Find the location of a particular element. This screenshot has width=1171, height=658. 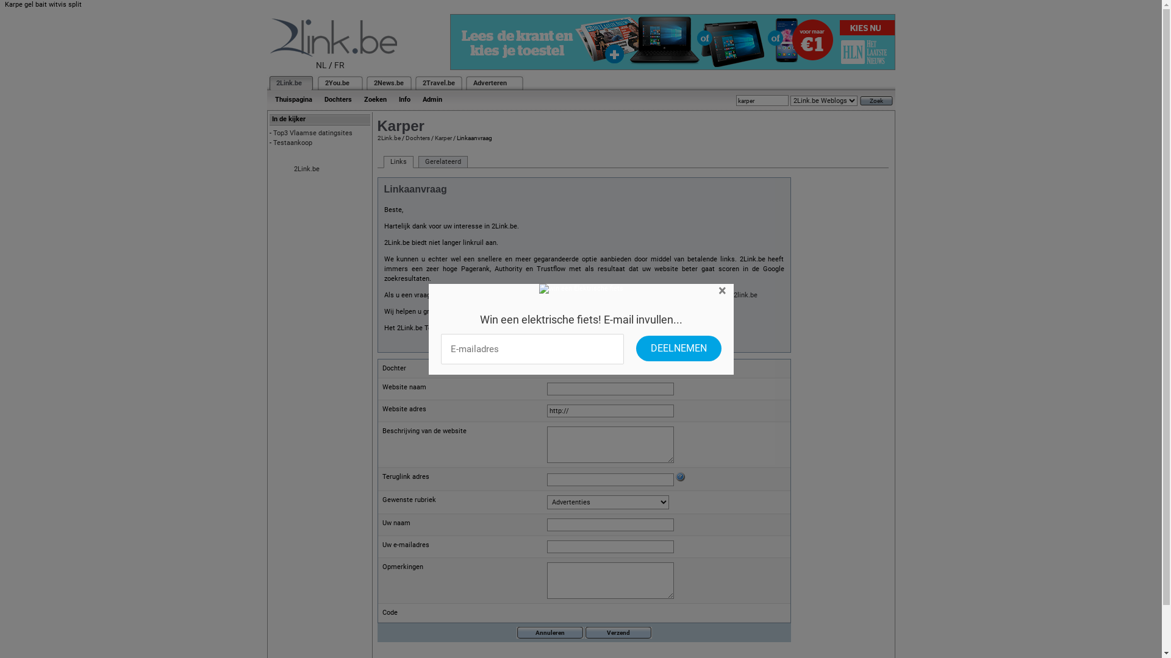

'NL' is located at coordinates (321, 65).